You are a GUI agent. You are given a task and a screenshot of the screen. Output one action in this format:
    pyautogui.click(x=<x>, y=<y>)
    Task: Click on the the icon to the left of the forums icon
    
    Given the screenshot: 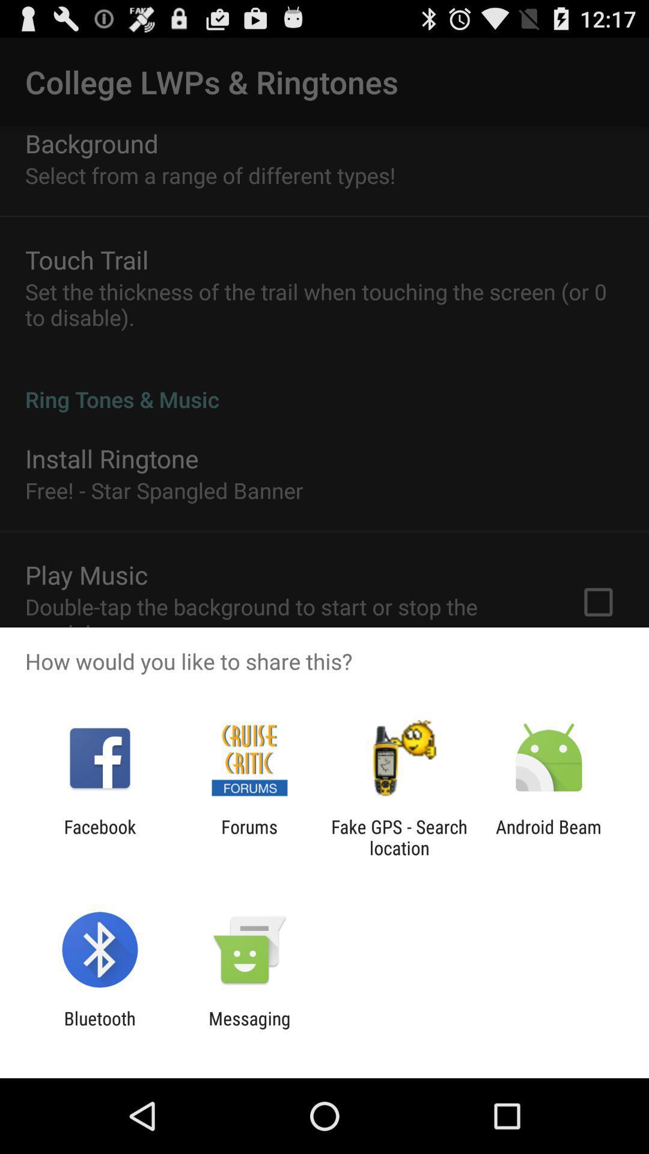 What is the action you would take?
    pyautogui.click(x=99, y=837)
    